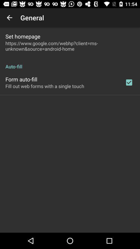 This screenshot has width=140, height=249. Describe the element at coordinates (23, 36) in the screenshot. I see `set homepage icon` at that location.